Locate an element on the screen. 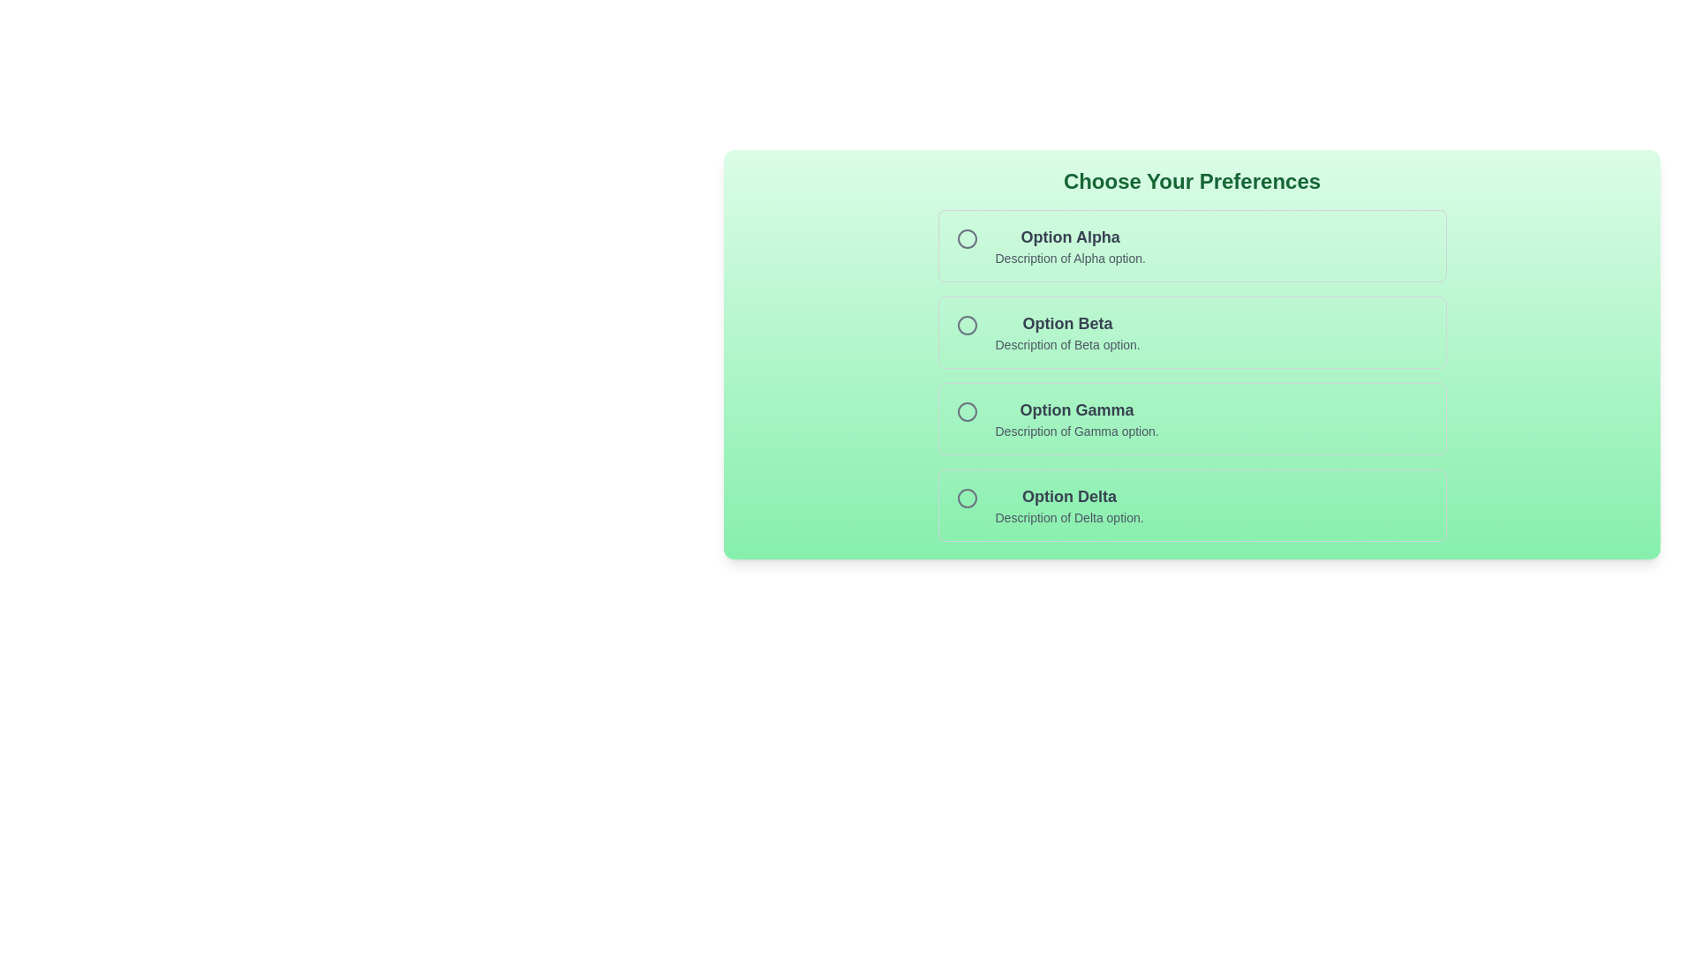  the radio button styled with a rounded border in gray, located to the left of the text 'Option Beta' is located at coordinates (966, 326).